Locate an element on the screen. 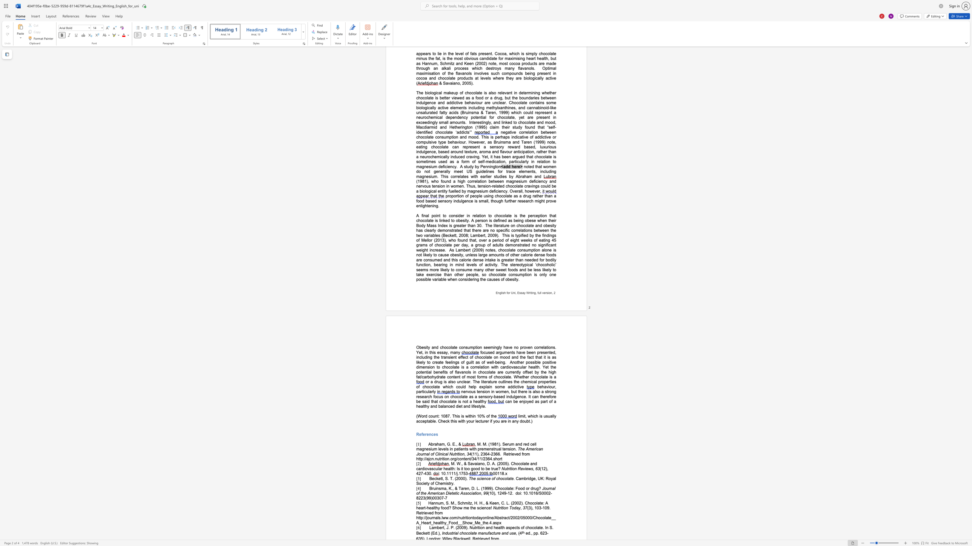  the subset text "s part of a heal" within the text "can be enjoyed as part of a healthy and balanced diet and lifestyle." is located at coordinates (537, 401).